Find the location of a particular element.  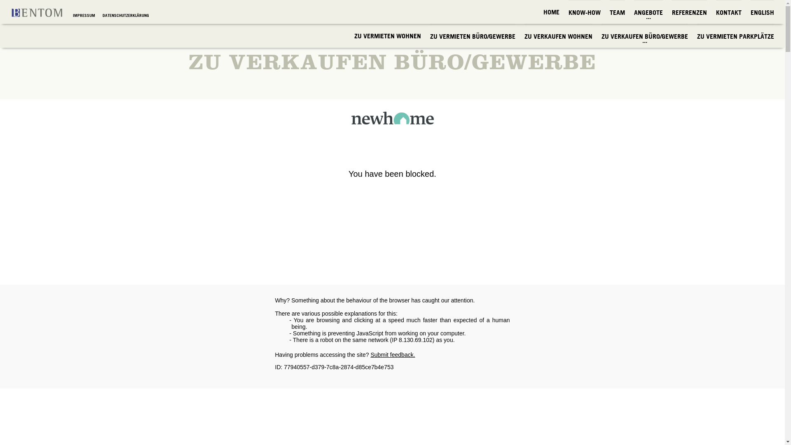

'IMPRESSUM' is located at coordinates (84, 15).